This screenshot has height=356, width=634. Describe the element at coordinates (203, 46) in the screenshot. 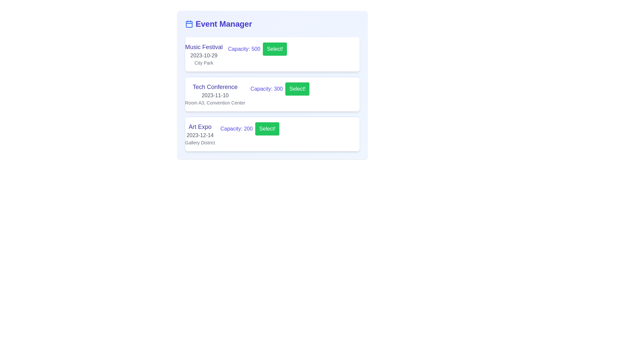

I see `the 'Music Festival' text label, which is prominently displayed in a bold, larger indigo font near the top of the event card layout` at that location.